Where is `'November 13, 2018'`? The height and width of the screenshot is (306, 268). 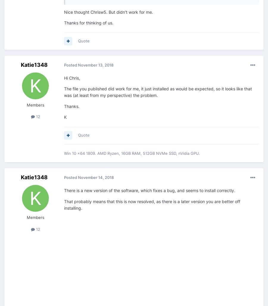
'November 13, 2018' is located at coordinates (95, 64).